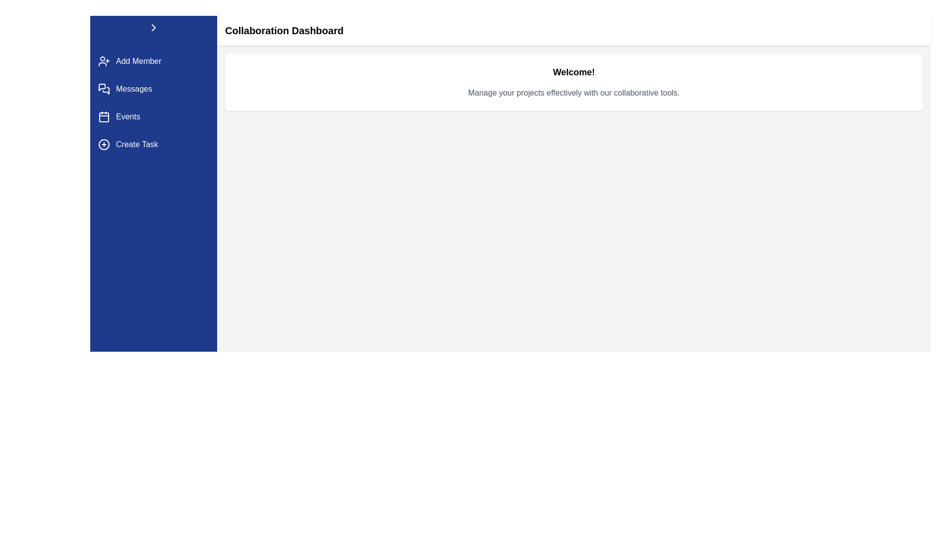 This screenshot has height=535, width=952. Describe the element at coordinates (104, 61) in the screenshot. I see `the icon button depicting a user figure with a '+' symbol` at that location.